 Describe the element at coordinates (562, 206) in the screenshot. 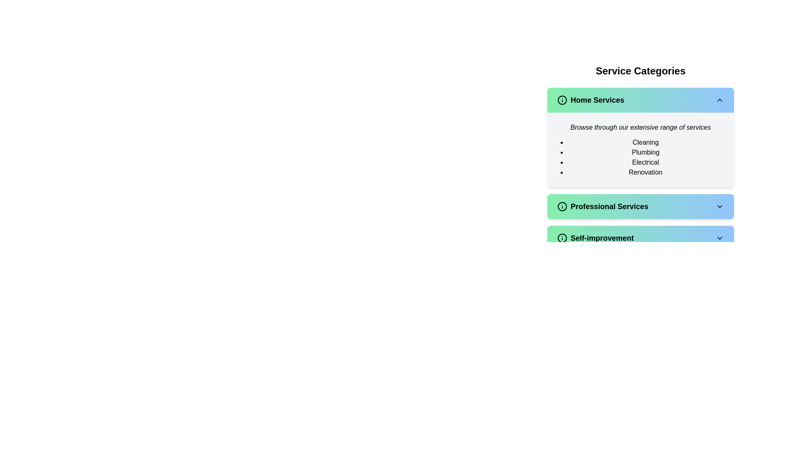

I see `the circular 'info' icon with a thin border and hollow center, located to the left of 'Professional Services' in the second section of the service categories list` at that location.